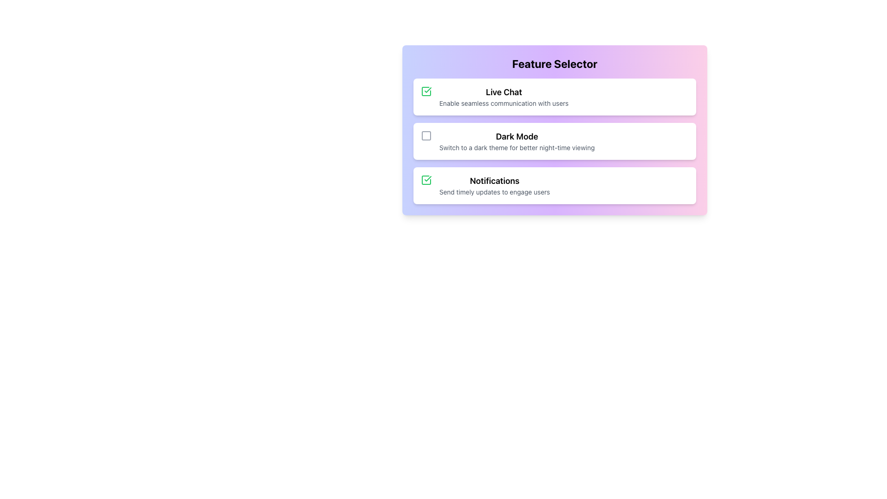  I want to click on the 'Dark Mode' title text label within the feature selector interface, which is positioned between 'Live Chat' and 'Notifications', so click(516, 137).